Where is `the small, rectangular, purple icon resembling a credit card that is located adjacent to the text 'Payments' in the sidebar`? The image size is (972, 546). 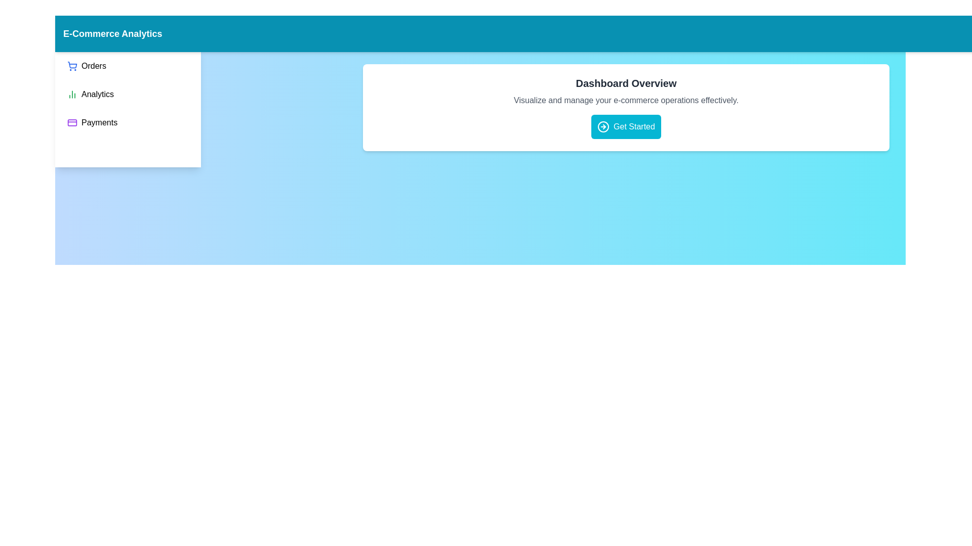
the small, rectangular, purple icon resembling a credit card that is located adjacent to the text 'Payments' in the sidebar is located at coordinates (72, 122).